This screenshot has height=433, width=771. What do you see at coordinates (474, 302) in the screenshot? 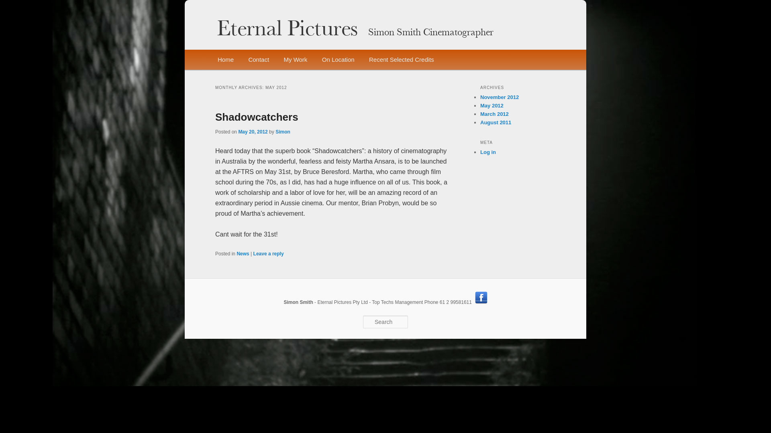
I see `'Visit me on Facebook'` at bounding box center [474, 302].